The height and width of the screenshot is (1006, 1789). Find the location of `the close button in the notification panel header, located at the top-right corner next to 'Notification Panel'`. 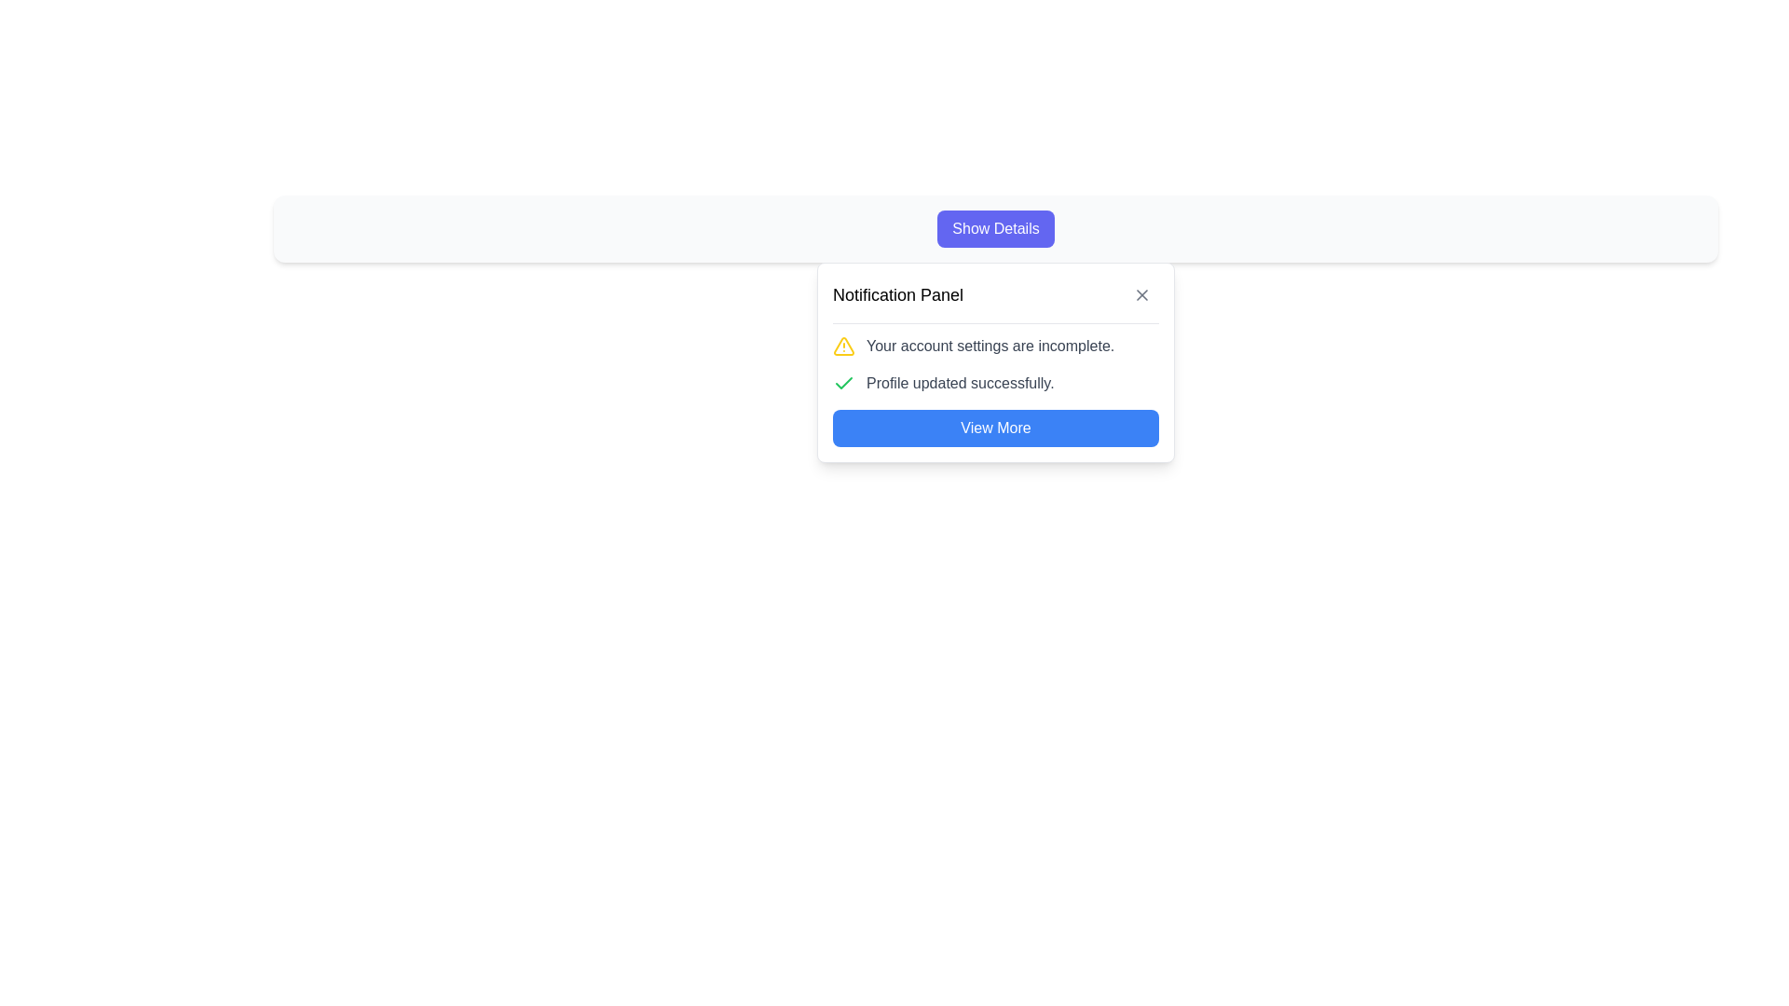

the close button in the notification panel header, located at the top-right corner next to 'Notification Panel' is located at coordinates (1140, 293).